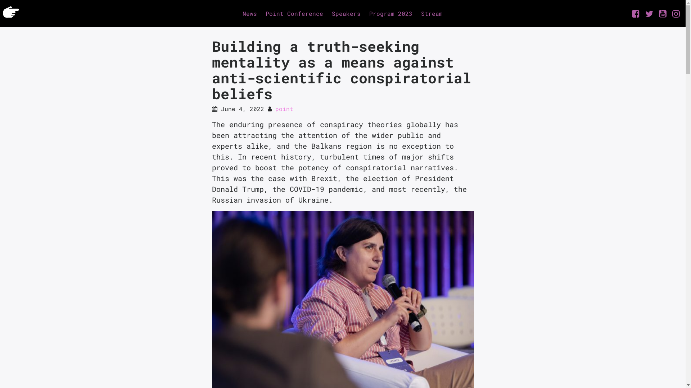 This screenshot has width=691, height=388. I want to click on 'twitter', so click(649, 14).